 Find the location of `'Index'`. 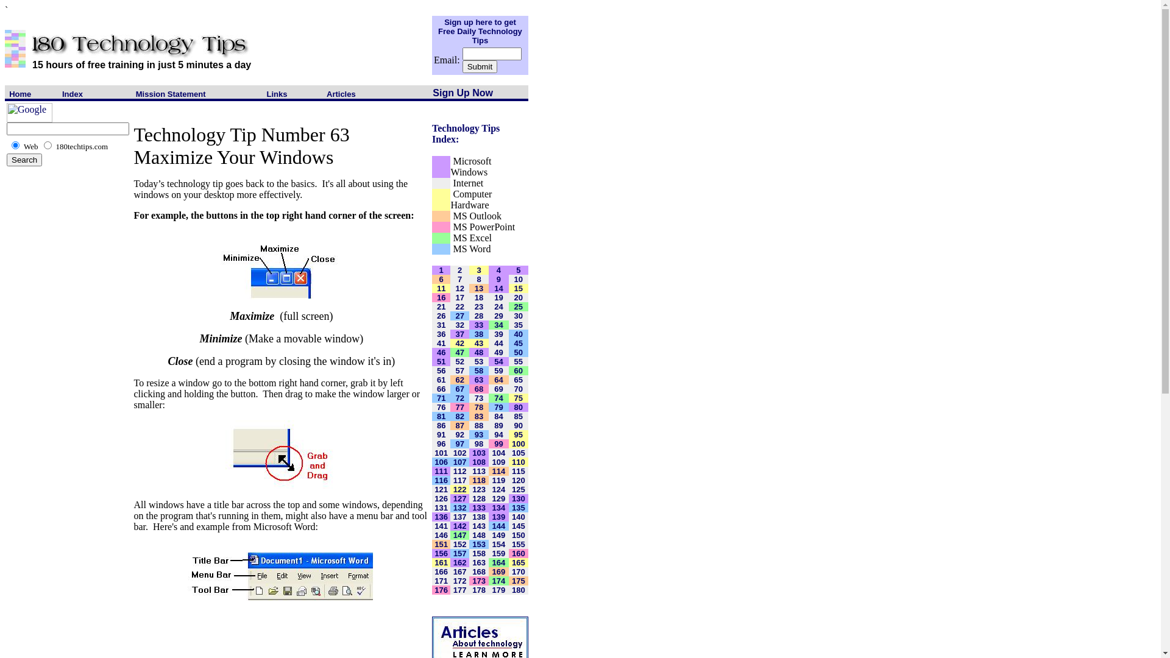

'Index' is located at coordinates (72, 93).